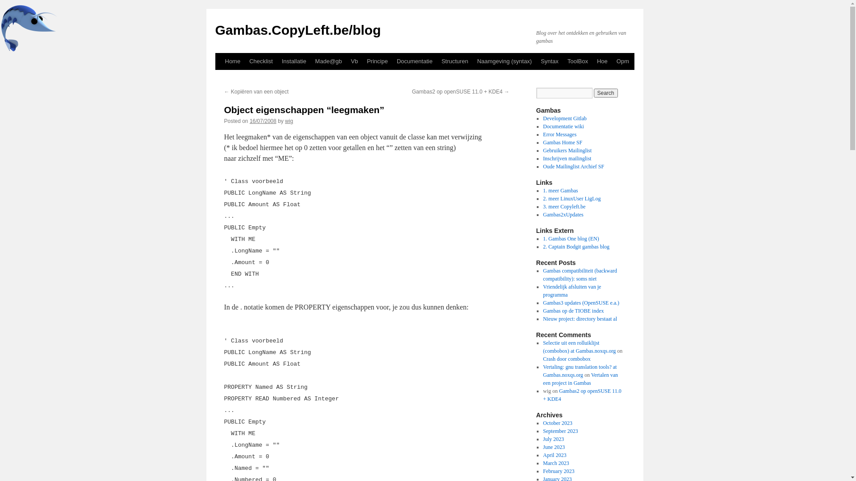  Describe the element at coordinates (564, 118) in the screenshot. I see `'Development Gitlab'` at that location.